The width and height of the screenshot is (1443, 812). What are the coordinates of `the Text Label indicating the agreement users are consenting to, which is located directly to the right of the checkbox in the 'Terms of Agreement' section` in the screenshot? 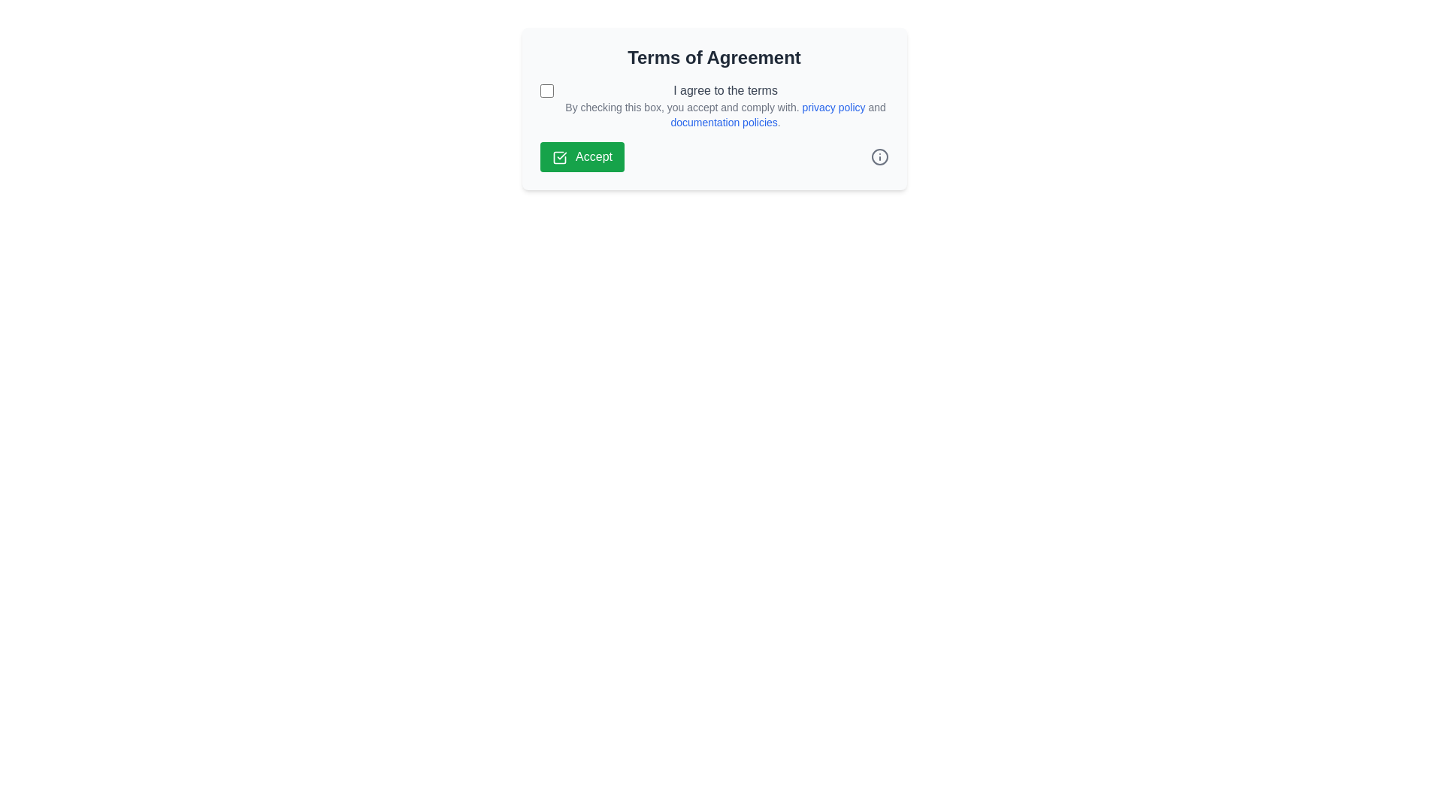 It's located at (725, 90).